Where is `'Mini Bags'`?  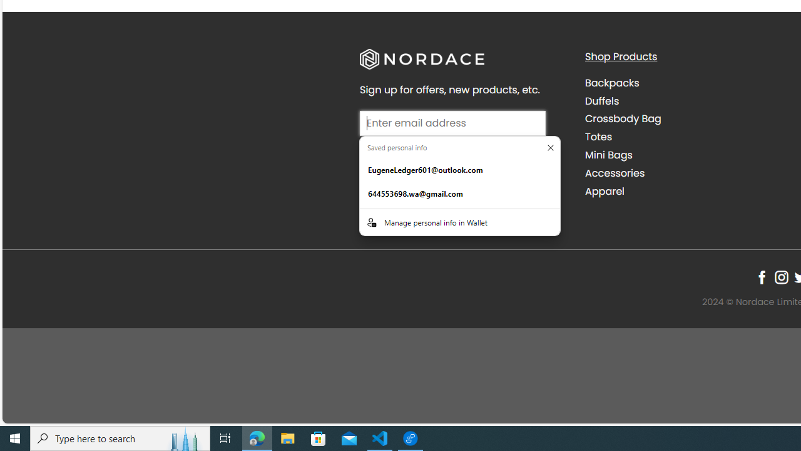 'Mini Bags' is located at coordinates (687, 154).